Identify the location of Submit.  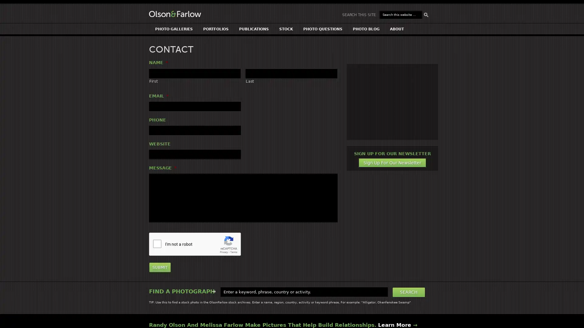
(160, 267).